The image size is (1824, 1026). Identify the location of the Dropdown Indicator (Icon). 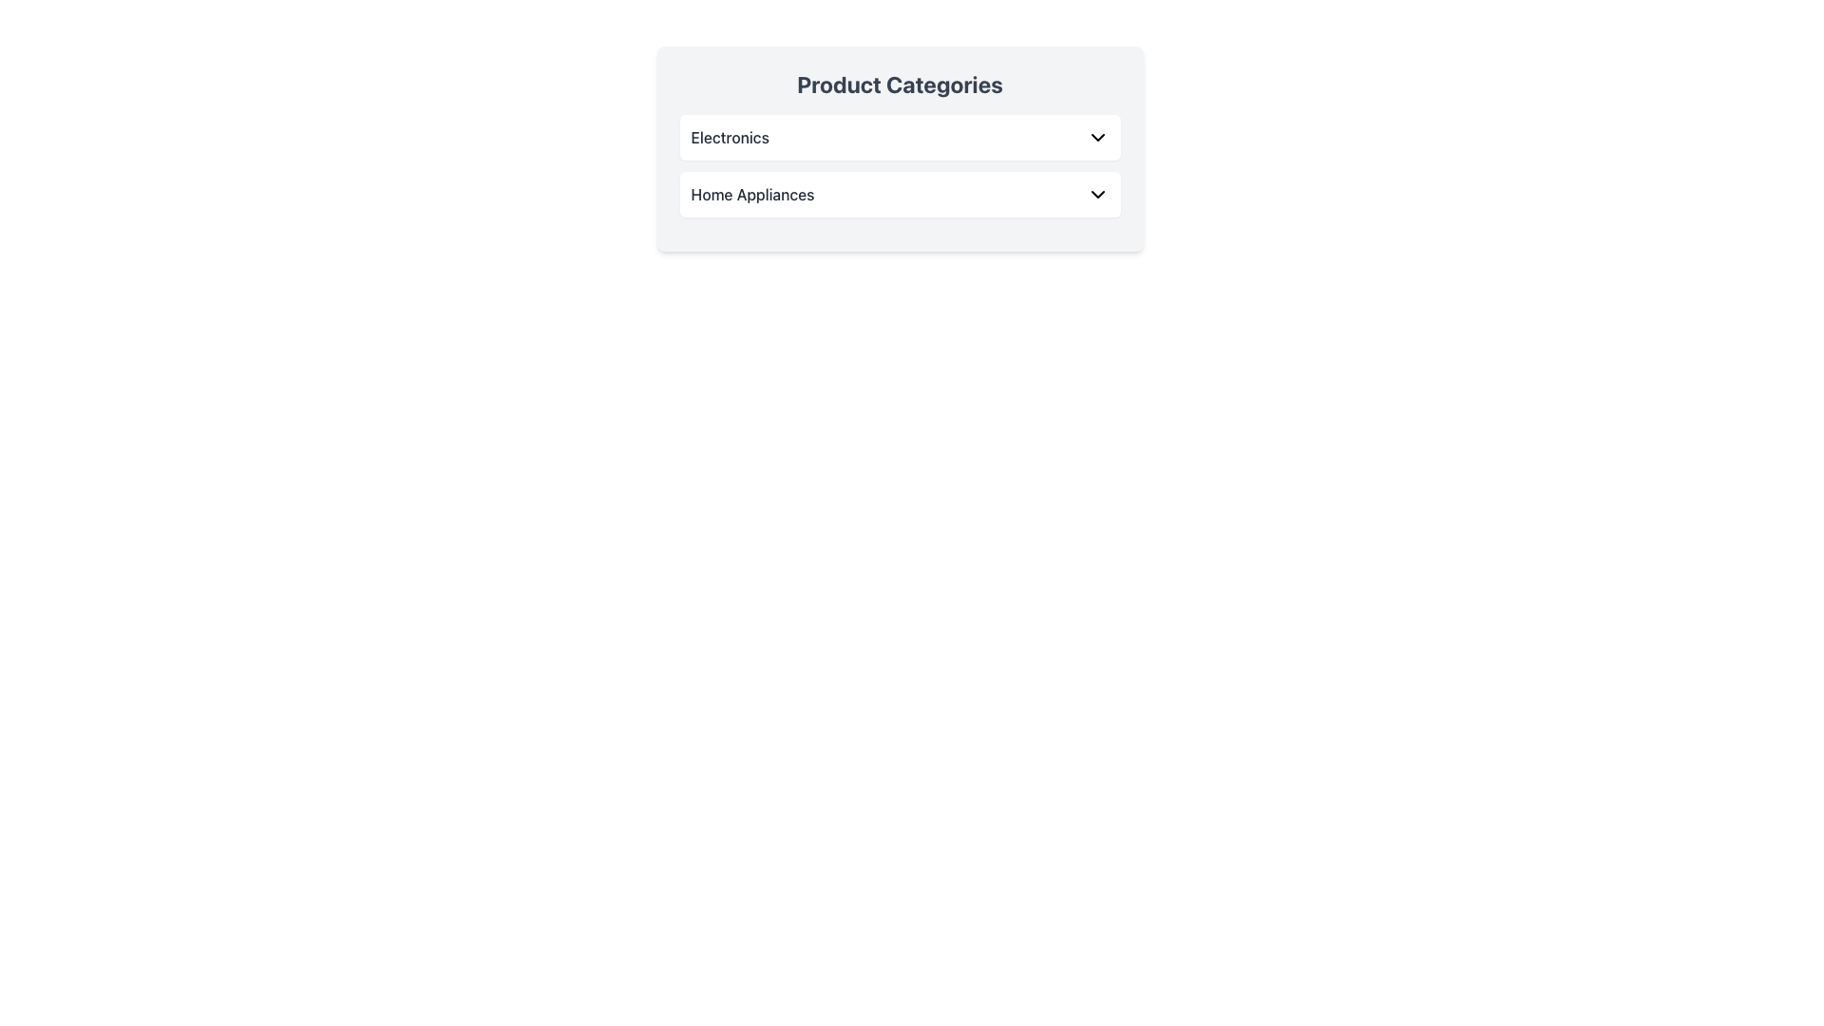
(1097, 137).